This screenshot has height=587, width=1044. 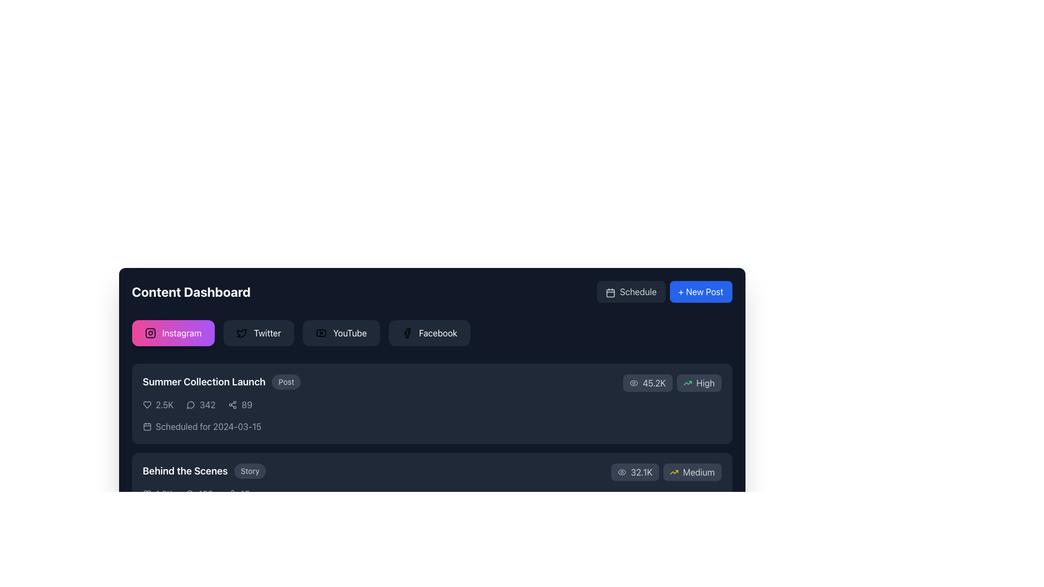 What do you see at coordinates (666, 471) in the screenshot?
I see `displayed information from the informational badge showing statistics such as view count and impact level, located in the lower-right corner of the 'Behind the Scenes' section` at bounding box center [666, 471].